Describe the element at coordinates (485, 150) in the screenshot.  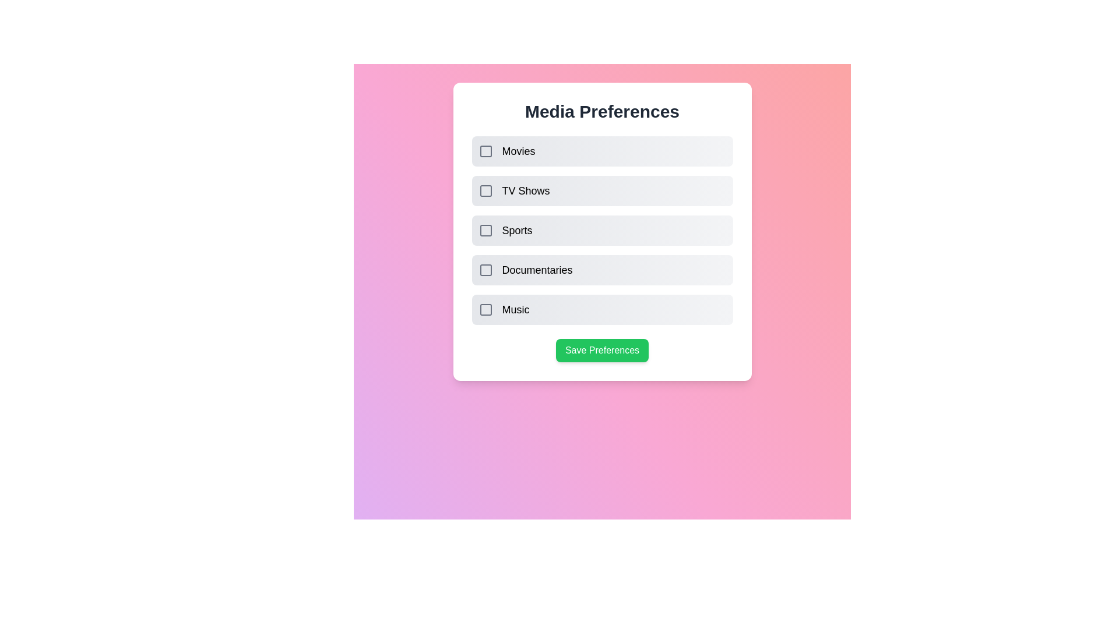
I see `the media preference item Movies` at that location.